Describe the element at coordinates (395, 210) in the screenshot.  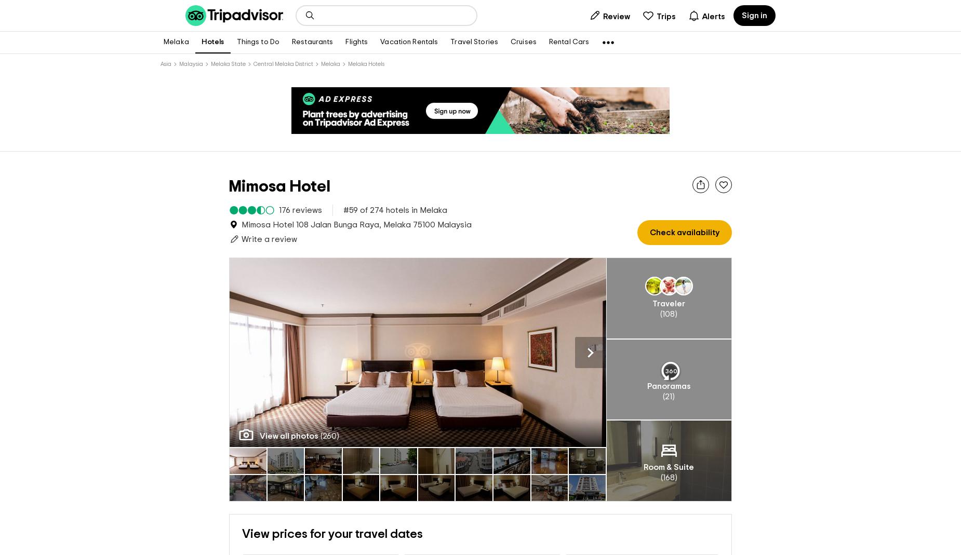
I see `'#59 of 274 hotels in Melaka'` at that location.